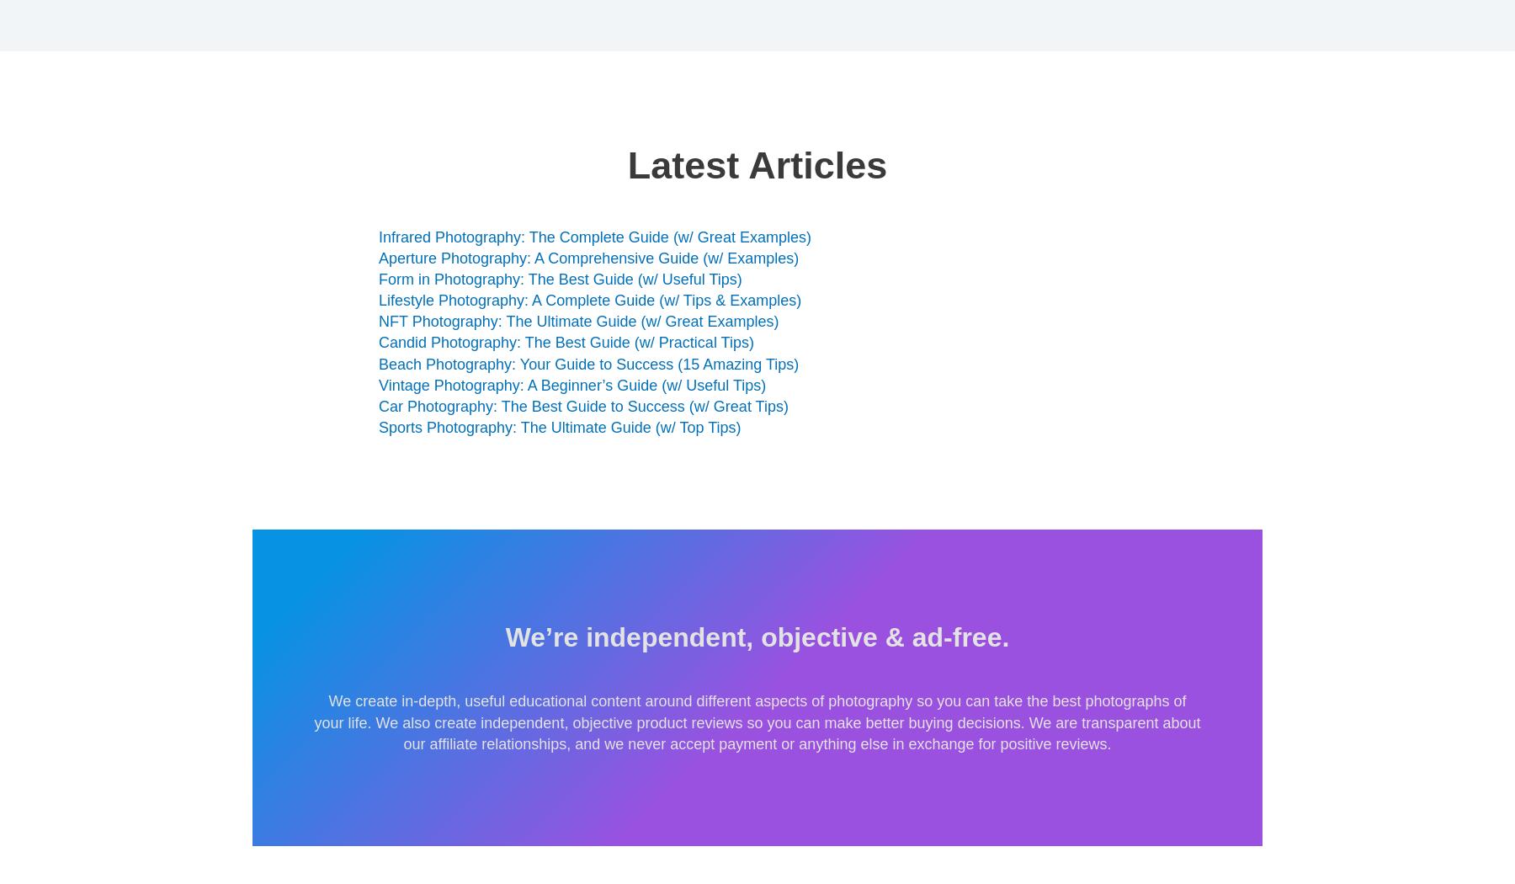  What do you see at coordinates (757, 637) in the screenshot?
I see `'We’re independent, objective & ad-free.'` at bounding box center [757, 637].